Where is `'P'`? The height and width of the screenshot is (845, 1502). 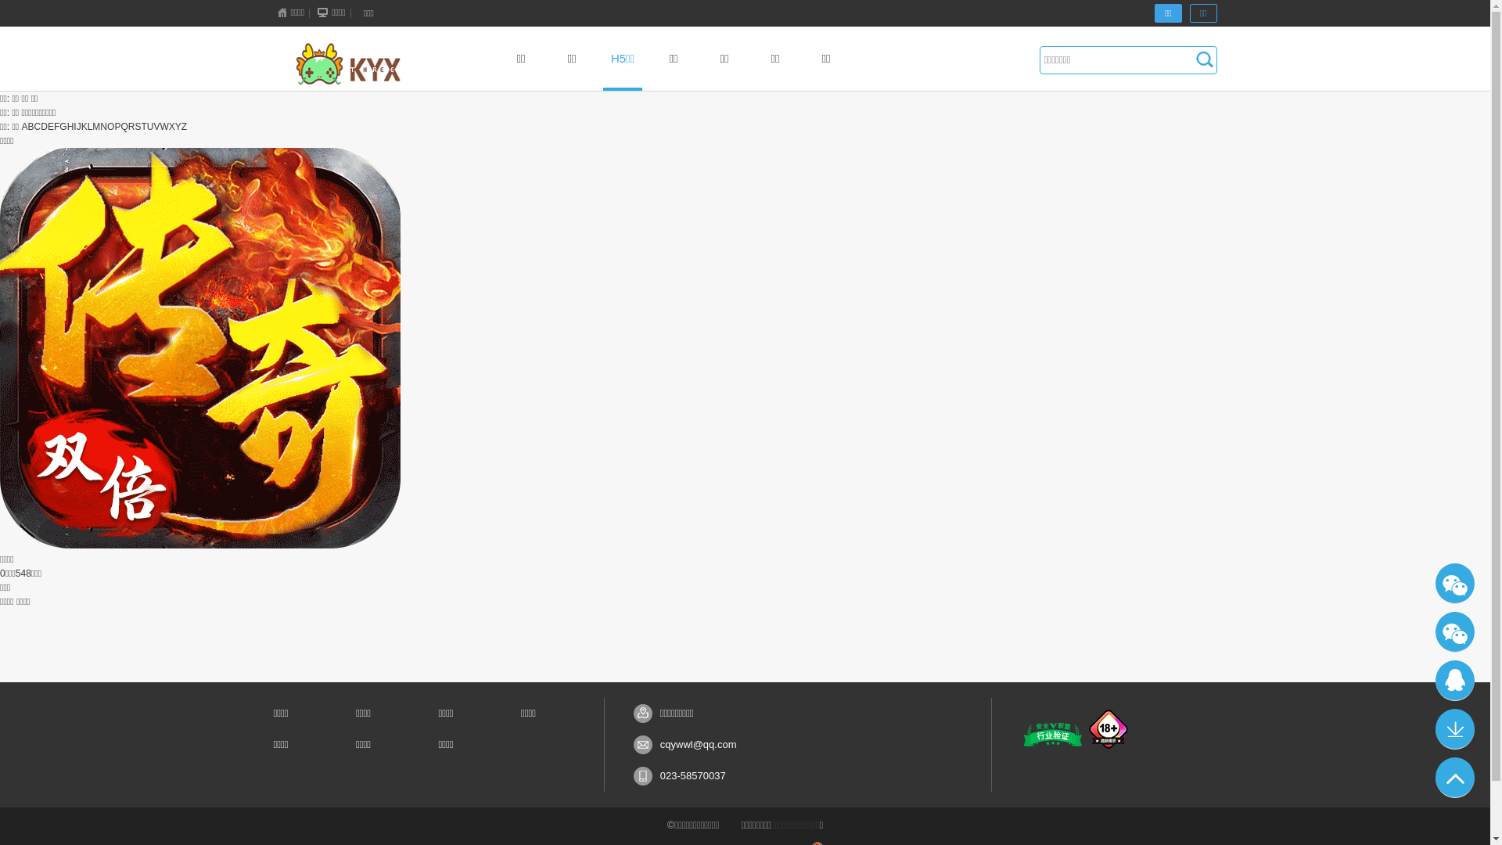 'P' is located at coordinates (113, 126).